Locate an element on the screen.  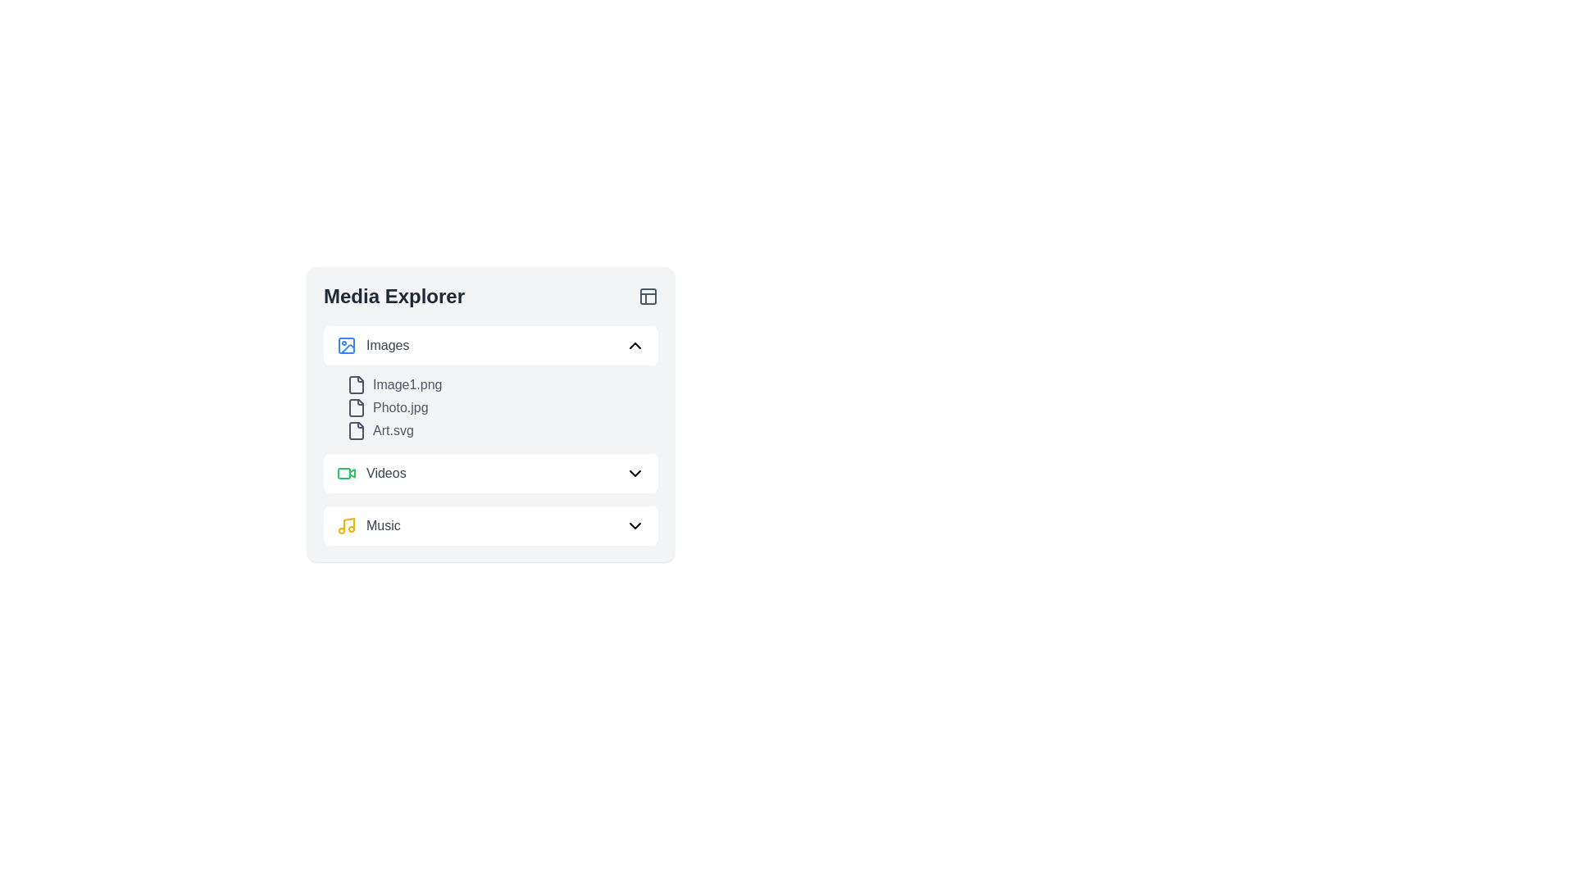
the 'Music' text label with gray font color in the Videos section of the Media Explorer UI is located at coordinates (382, 525).